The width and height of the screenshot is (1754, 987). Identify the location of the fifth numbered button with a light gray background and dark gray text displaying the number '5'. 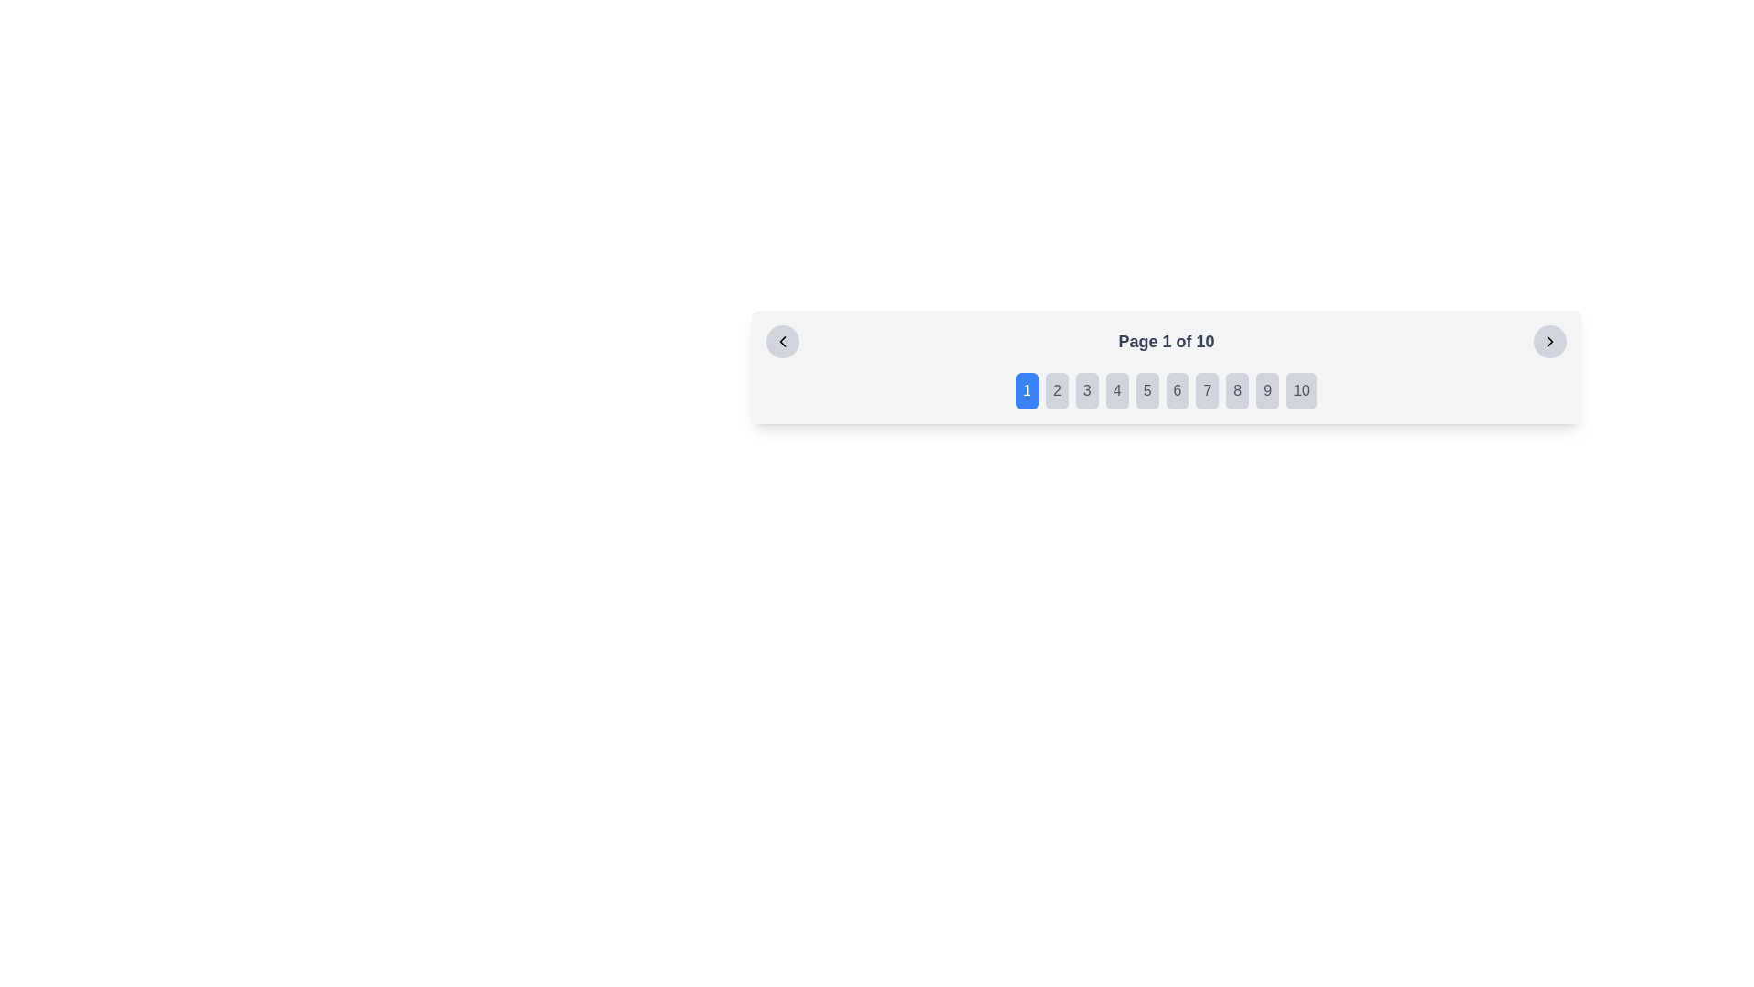
(1146, 390).